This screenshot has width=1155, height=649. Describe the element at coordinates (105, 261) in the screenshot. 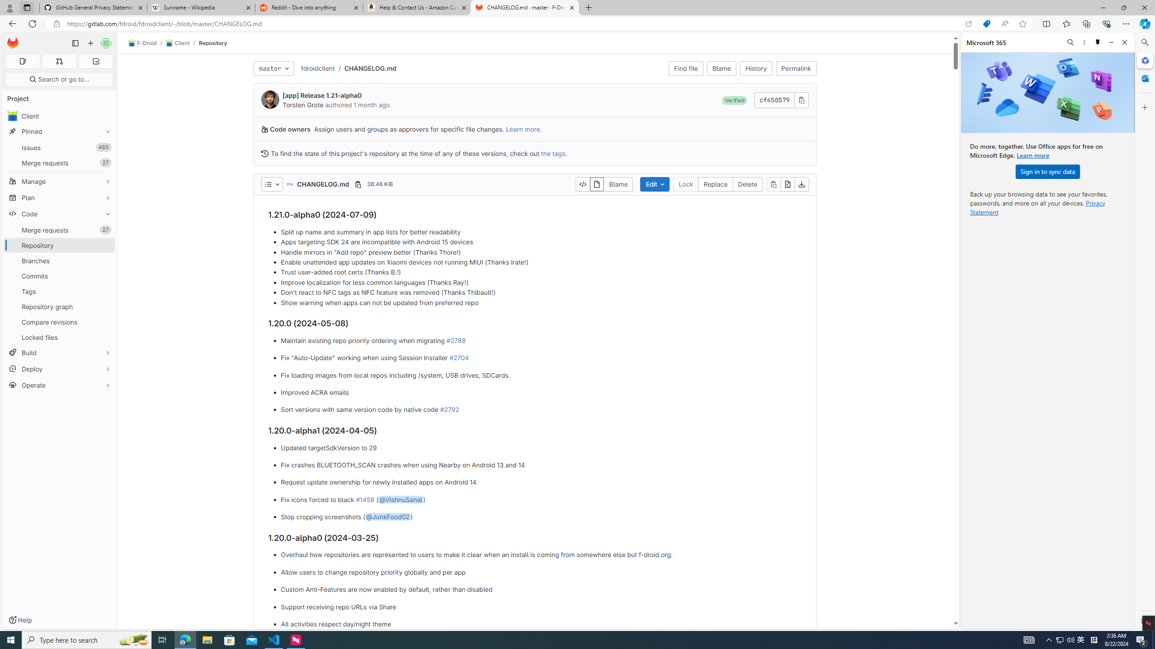

I see `'Pin Branches'` at that location.